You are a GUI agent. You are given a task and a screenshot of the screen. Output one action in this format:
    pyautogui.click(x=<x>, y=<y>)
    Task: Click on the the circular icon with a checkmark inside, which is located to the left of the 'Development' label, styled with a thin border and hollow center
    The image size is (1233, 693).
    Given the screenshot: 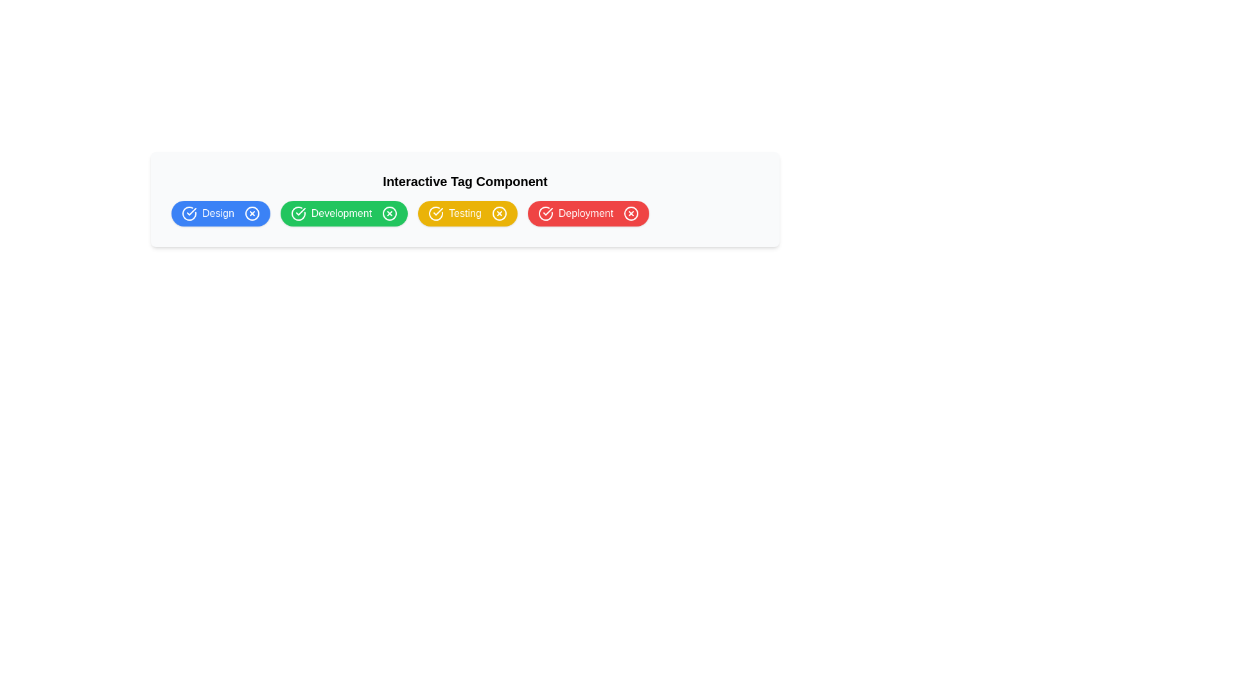 What is the action you would take?
    pyautogui.click(x=297, y=212)
    